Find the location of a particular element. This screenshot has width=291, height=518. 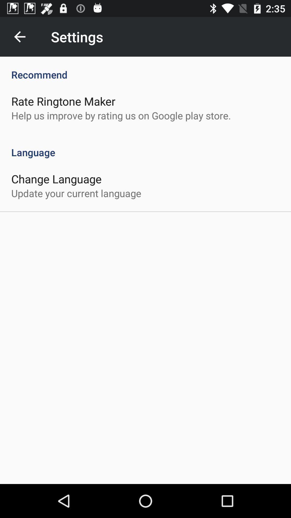

icon above rate ringtone maker icon is located at coordinates (145, 69).